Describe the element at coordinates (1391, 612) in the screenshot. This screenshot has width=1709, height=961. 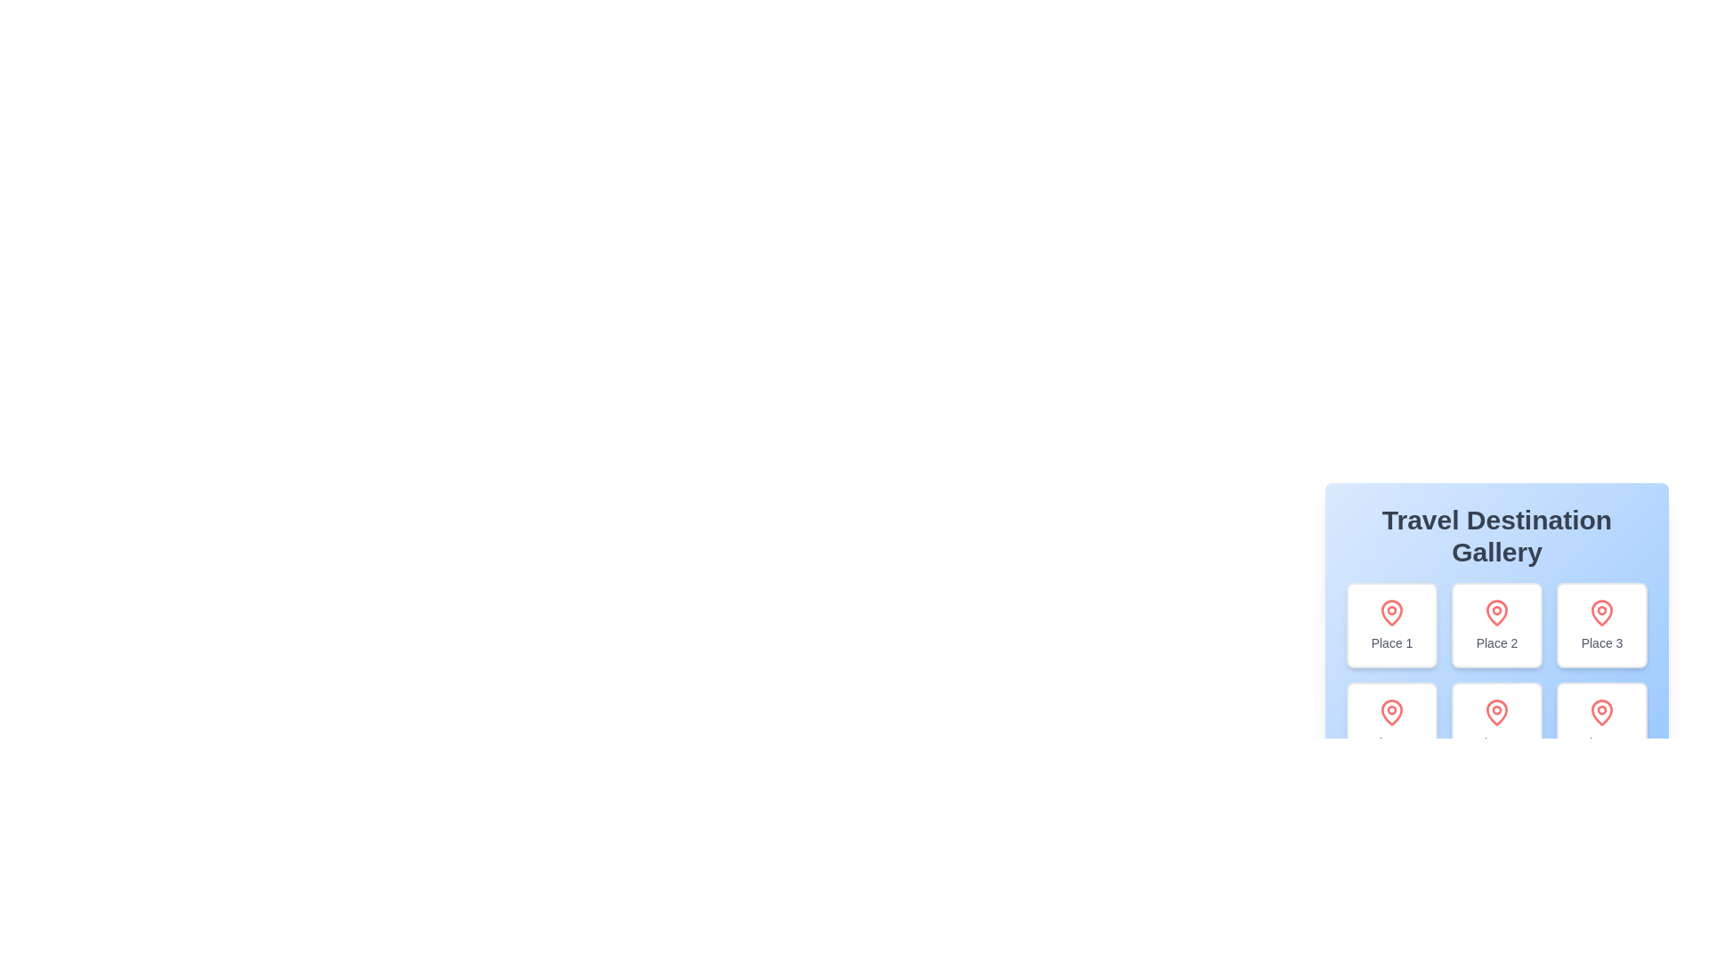
I see `the red map pin icon located at the top of the 'Place 1' card in the grid` at that location.